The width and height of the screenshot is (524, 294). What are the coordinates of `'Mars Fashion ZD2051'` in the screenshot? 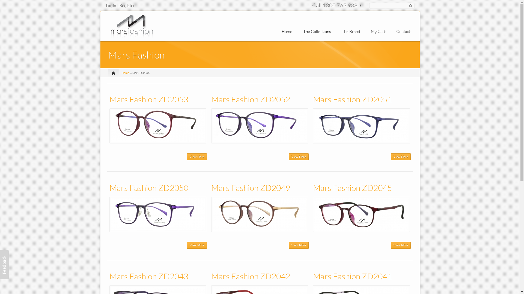 It's located at (352, 99).